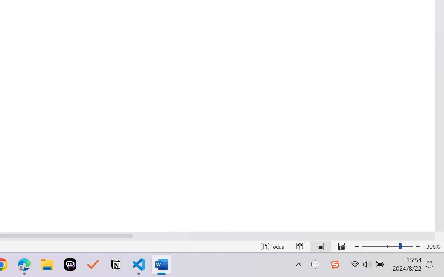 The width and height of the screenshot is (444, 277). Describe the element at coordinates (335, 265) in the screenshot. I see `'Class: Image'` at that location.